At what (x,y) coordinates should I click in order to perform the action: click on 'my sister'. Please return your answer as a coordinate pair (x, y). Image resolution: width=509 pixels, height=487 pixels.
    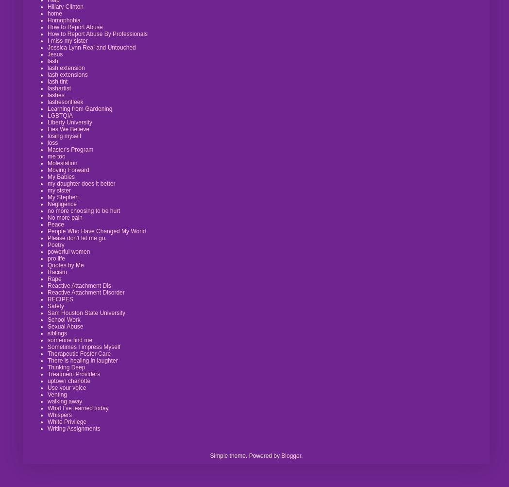
    Looking at the image, I should click on (47, 190).